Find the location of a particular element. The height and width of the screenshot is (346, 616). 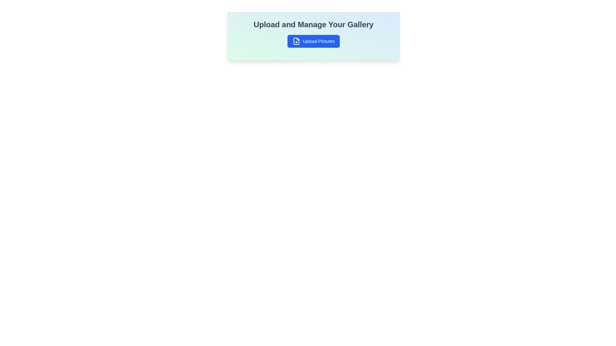

the button labeled 'Upload Pictures' which is styled with white text on a blue background, located under the heading 'Upload and Manage Your Gallery' is located at coordinates (319, 41).